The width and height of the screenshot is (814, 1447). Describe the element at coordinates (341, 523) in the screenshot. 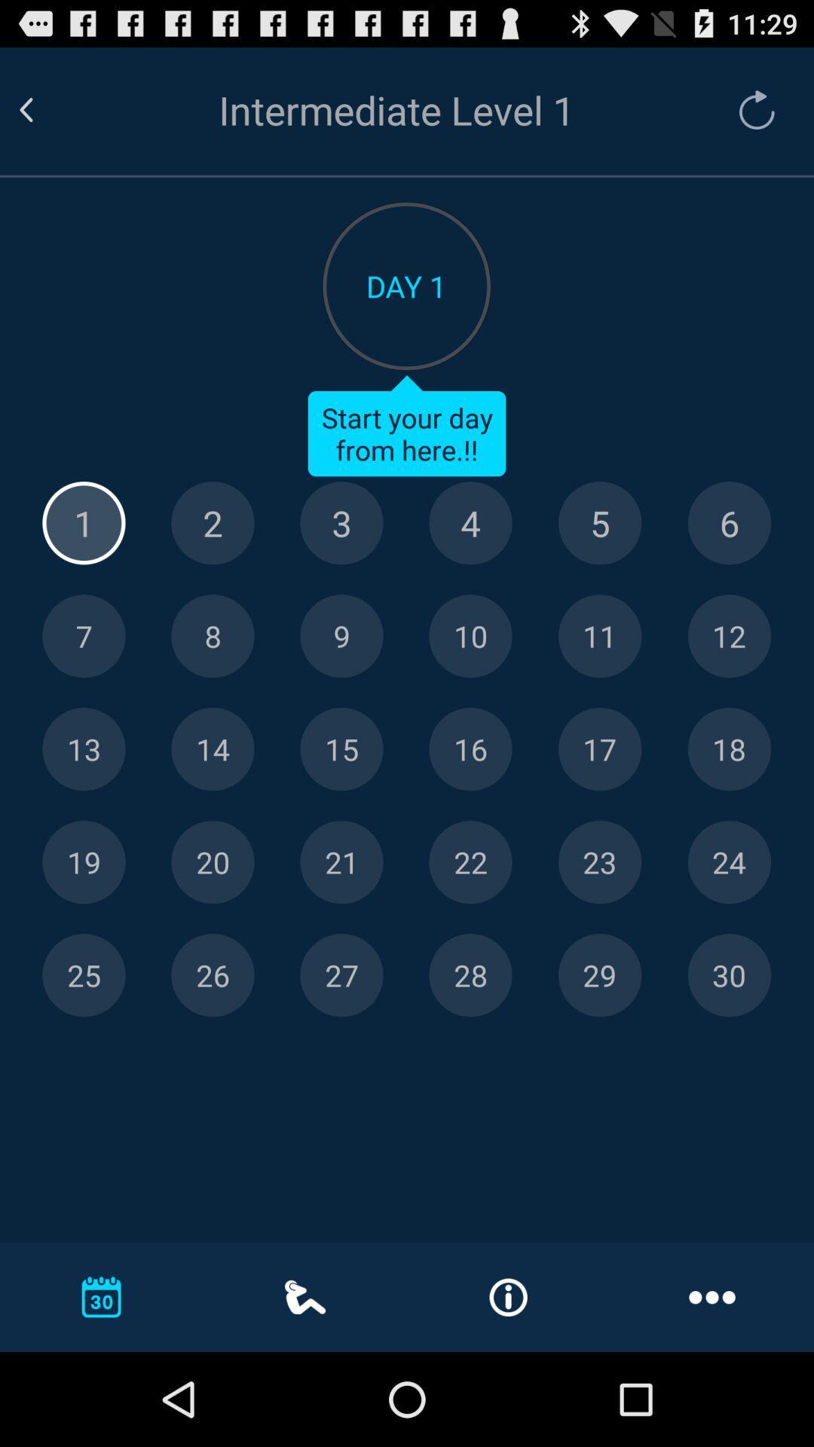

I see `press number 3` at that location.